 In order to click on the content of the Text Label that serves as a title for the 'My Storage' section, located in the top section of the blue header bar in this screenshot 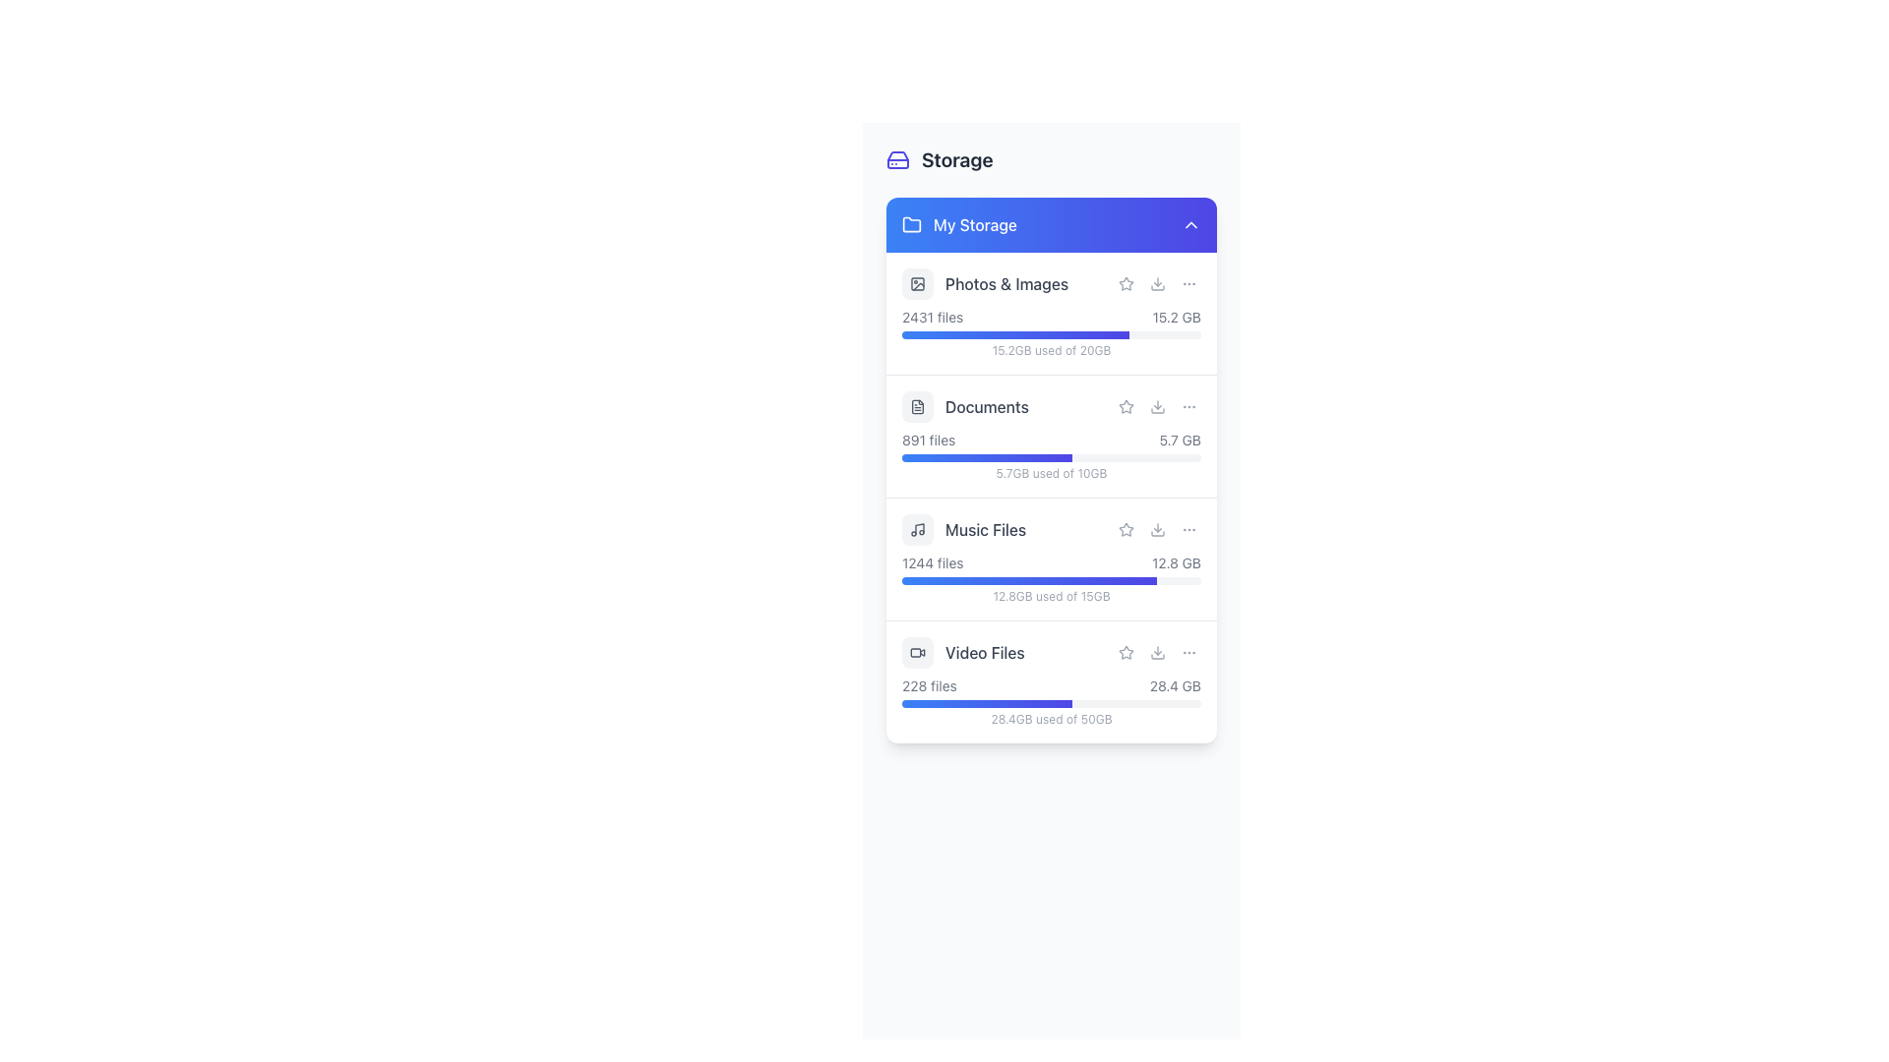, I will do `click(975, 223)`.